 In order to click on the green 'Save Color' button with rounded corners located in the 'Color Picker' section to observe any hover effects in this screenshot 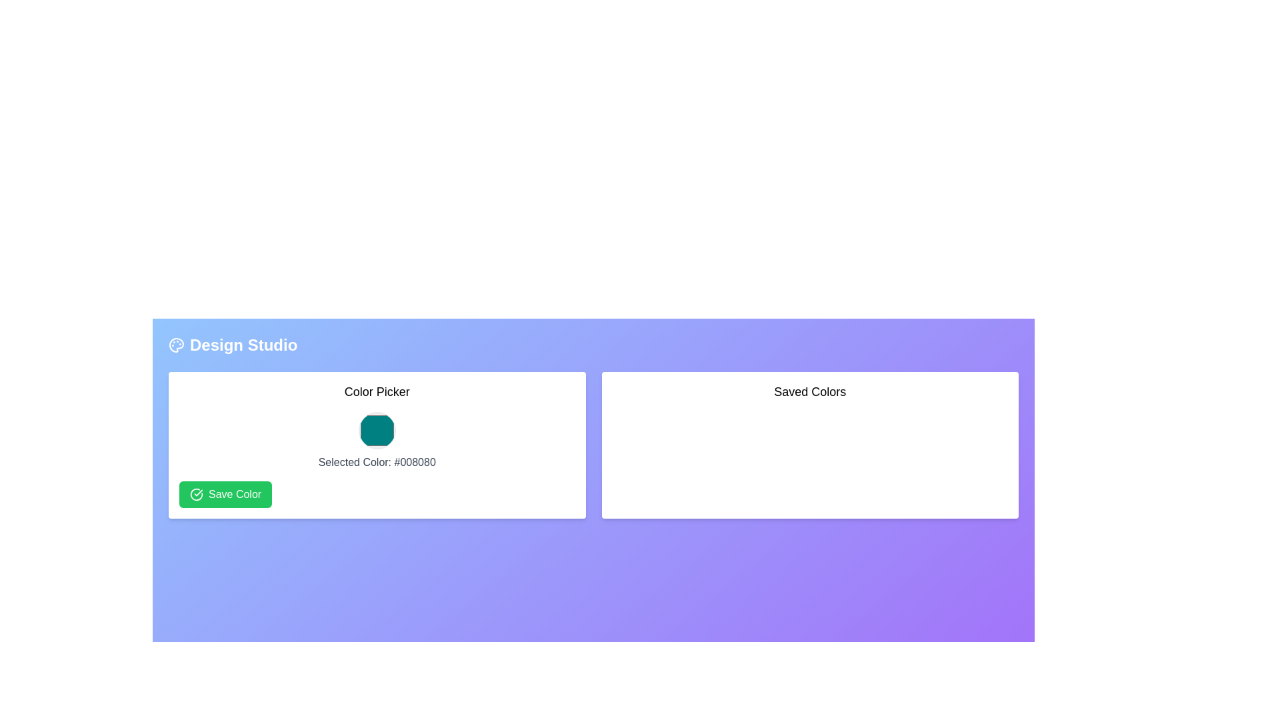, I will do `click(225, 494)`.